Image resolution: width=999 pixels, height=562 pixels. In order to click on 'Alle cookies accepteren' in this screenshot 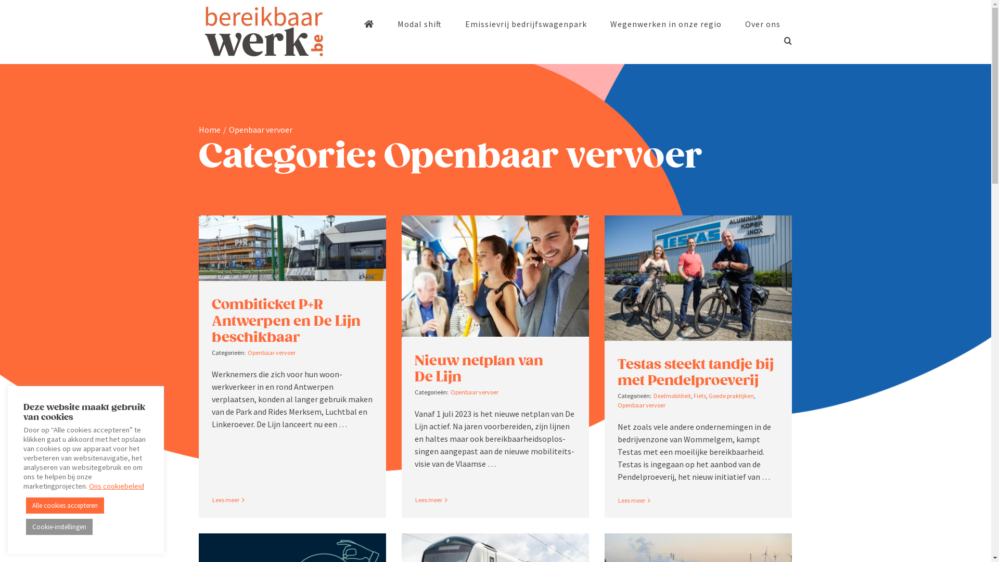, I will do `click(25, 505)`.